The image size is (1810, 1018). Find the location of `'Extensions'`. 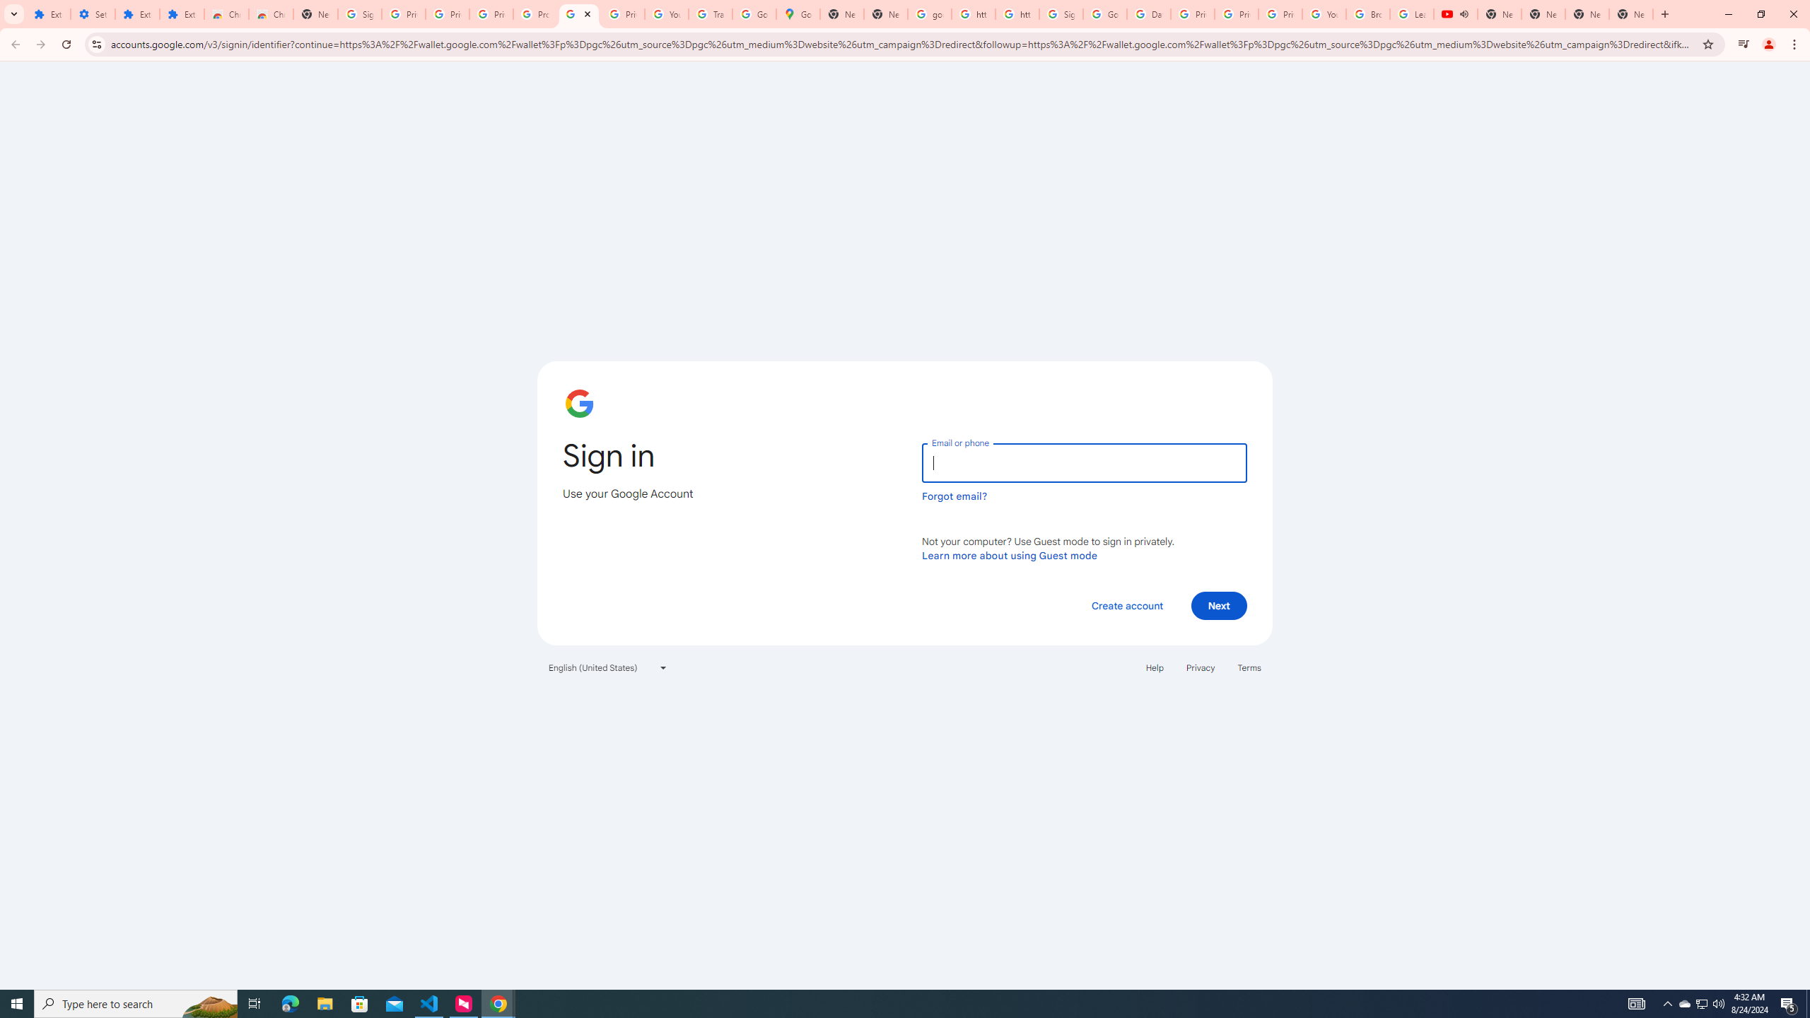

'Extensions' is located at coordinates (136, 13).